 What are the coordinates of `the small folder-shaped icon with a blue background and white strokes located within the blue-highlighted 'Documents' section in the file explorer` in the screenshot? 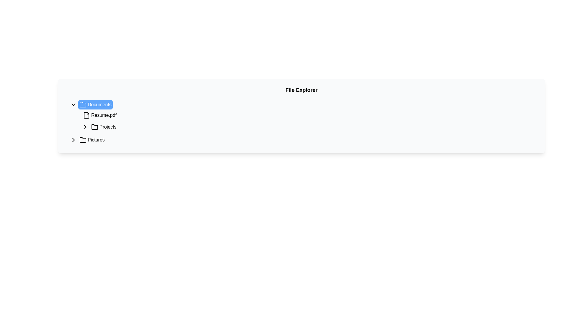 It's located at (83, 104).